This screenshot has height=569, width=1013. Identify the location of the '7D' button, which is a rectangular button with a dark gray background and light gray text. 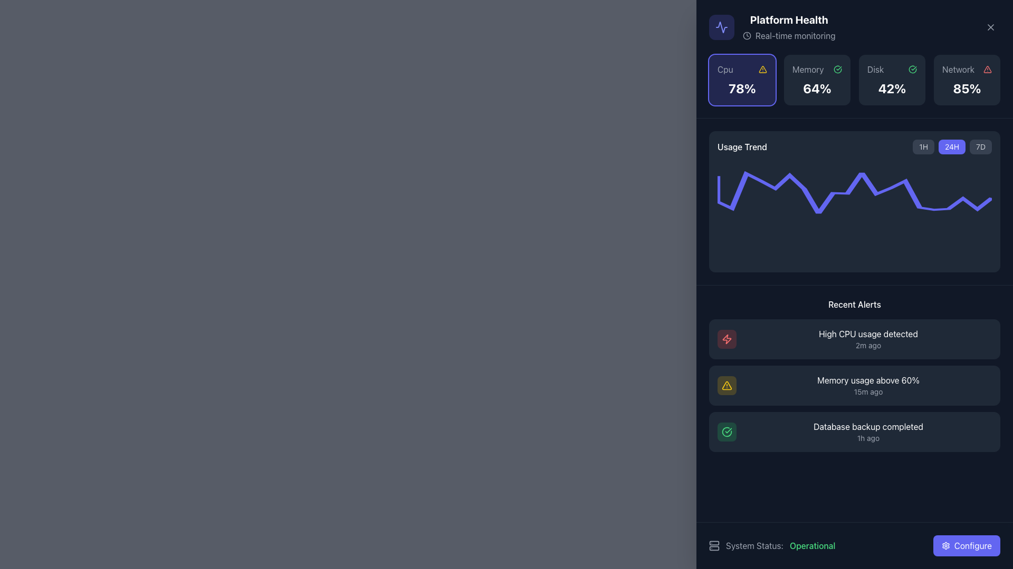
(980, 146).